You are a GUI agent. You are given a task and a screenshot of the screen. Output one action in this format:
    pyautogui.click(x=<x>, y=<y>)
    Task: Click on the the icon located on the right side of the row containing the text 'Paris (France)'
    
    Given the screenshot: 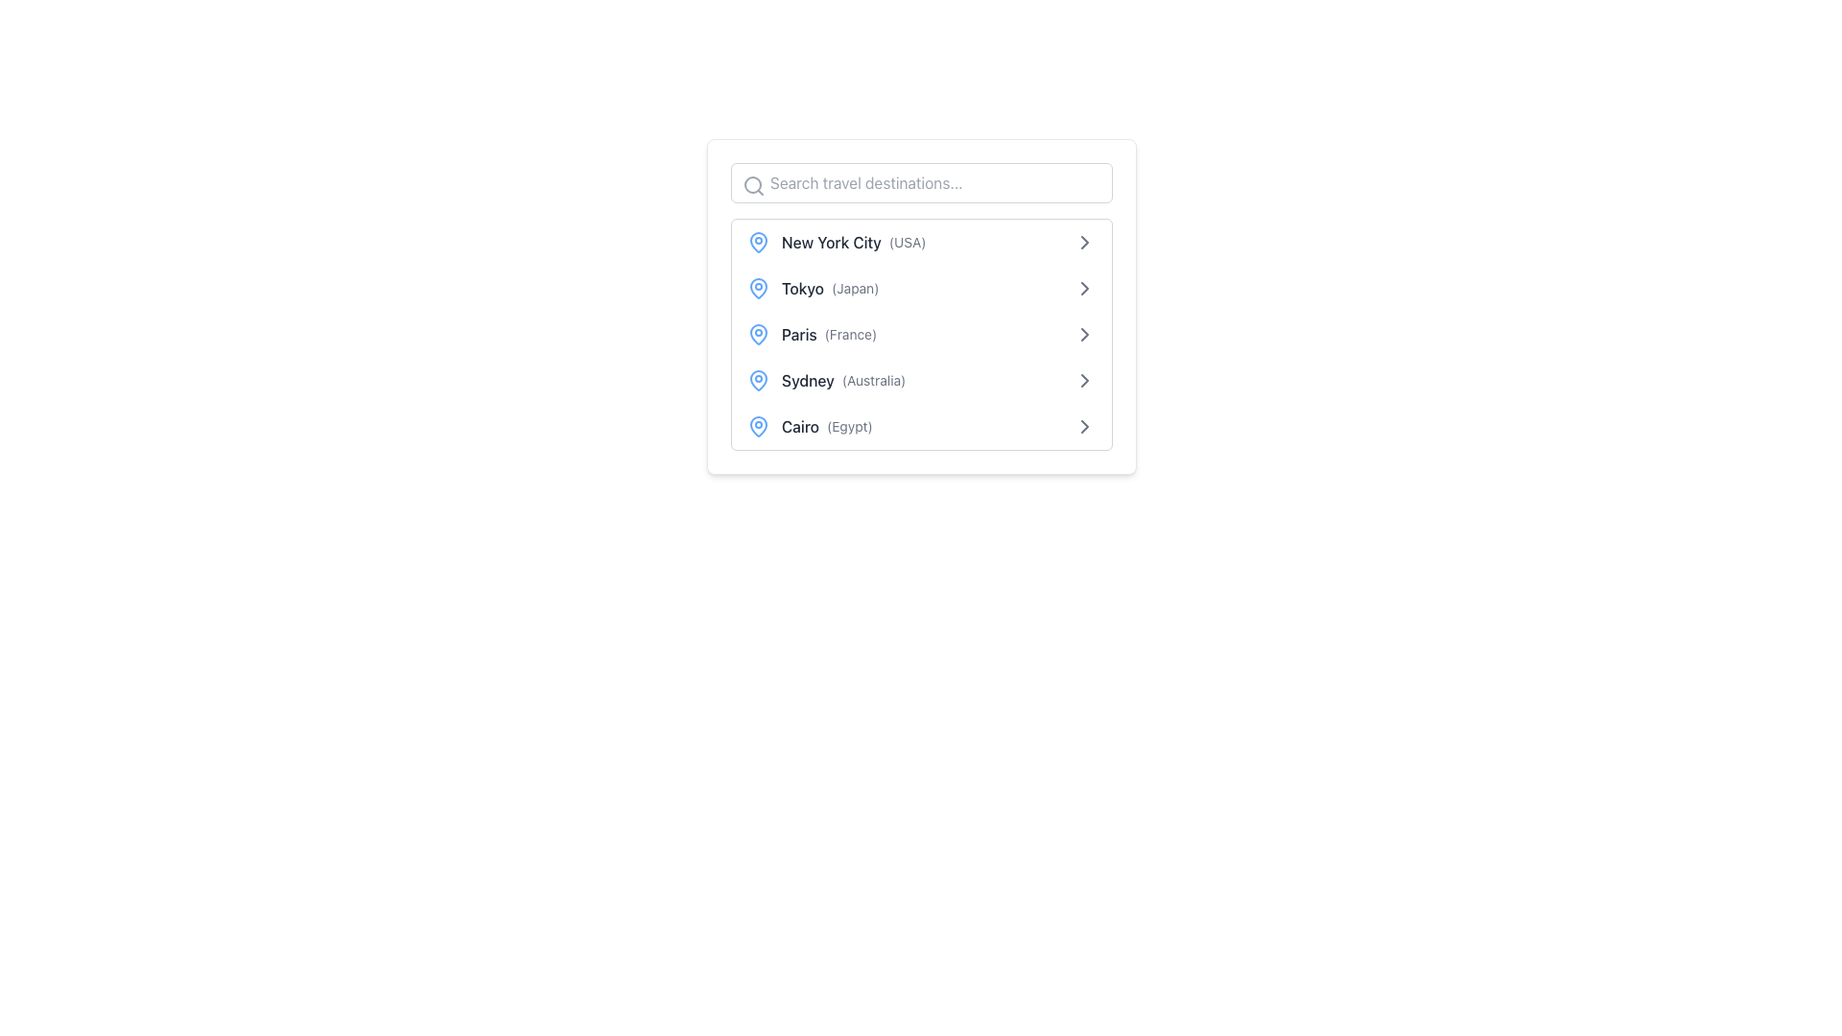 What is the action you would take?
    pyautogui.click(x=1085, y=333)
    